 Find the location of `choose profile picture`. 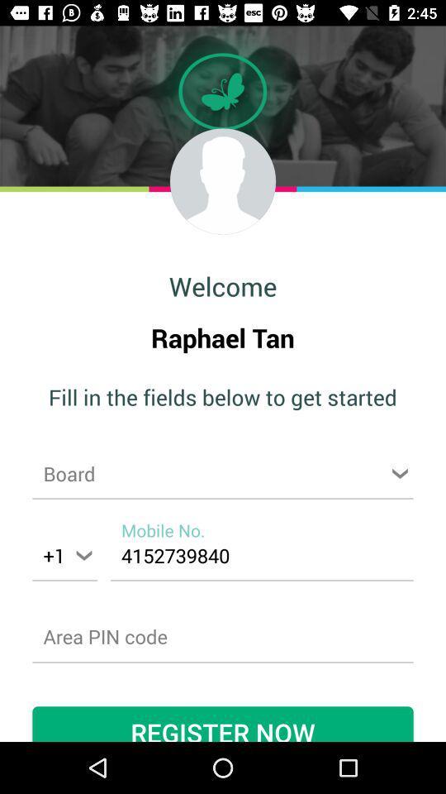

choose profile picture is located at coordinates (223, 181).